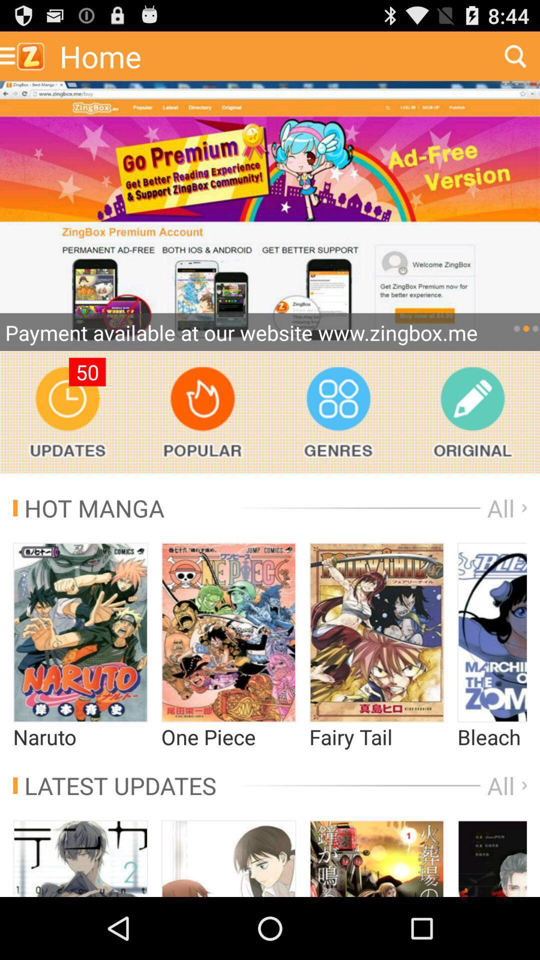 The width and height of the screenshot is (540, 960). What do you see at coordinates (491, 858) in the screenshot?
I see `that book` at bounding box center [491, 858].